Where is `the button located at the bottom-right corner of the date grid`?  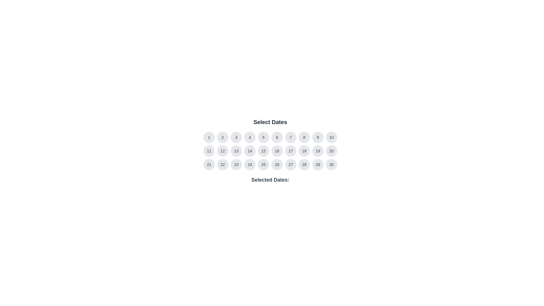 the button located at the bottom-right corner of the date grid is located at coordinates (331, 165).